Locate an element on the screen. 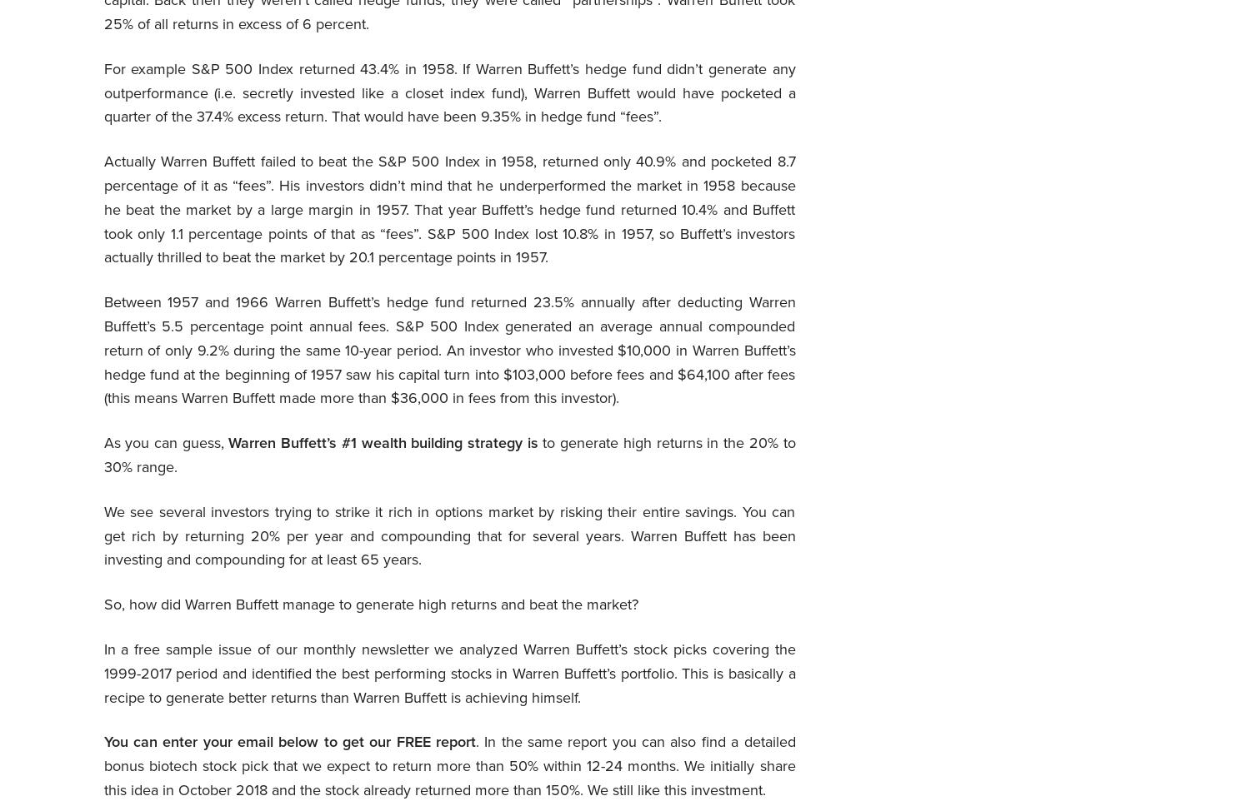  'We see several investors trying to strike it rich in options market by risking their entire savings. You can get rich by returning 20% per year and compounding that for several years. Warren Buffett has been investing and compounding for at least 65 years.' is located at coordinates (449, 535).